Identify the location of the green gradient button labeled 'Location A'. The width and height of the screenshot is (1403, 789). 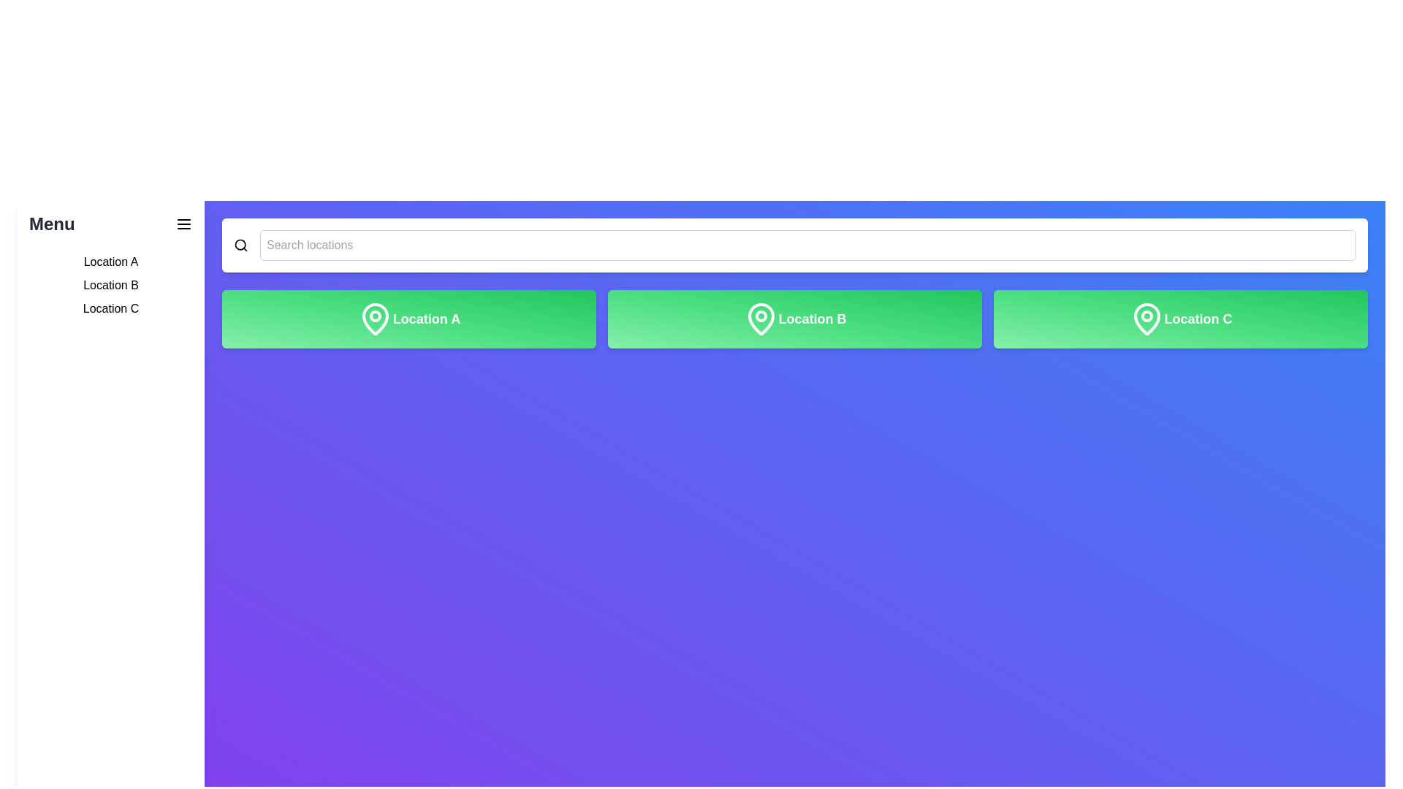
(409, 318).